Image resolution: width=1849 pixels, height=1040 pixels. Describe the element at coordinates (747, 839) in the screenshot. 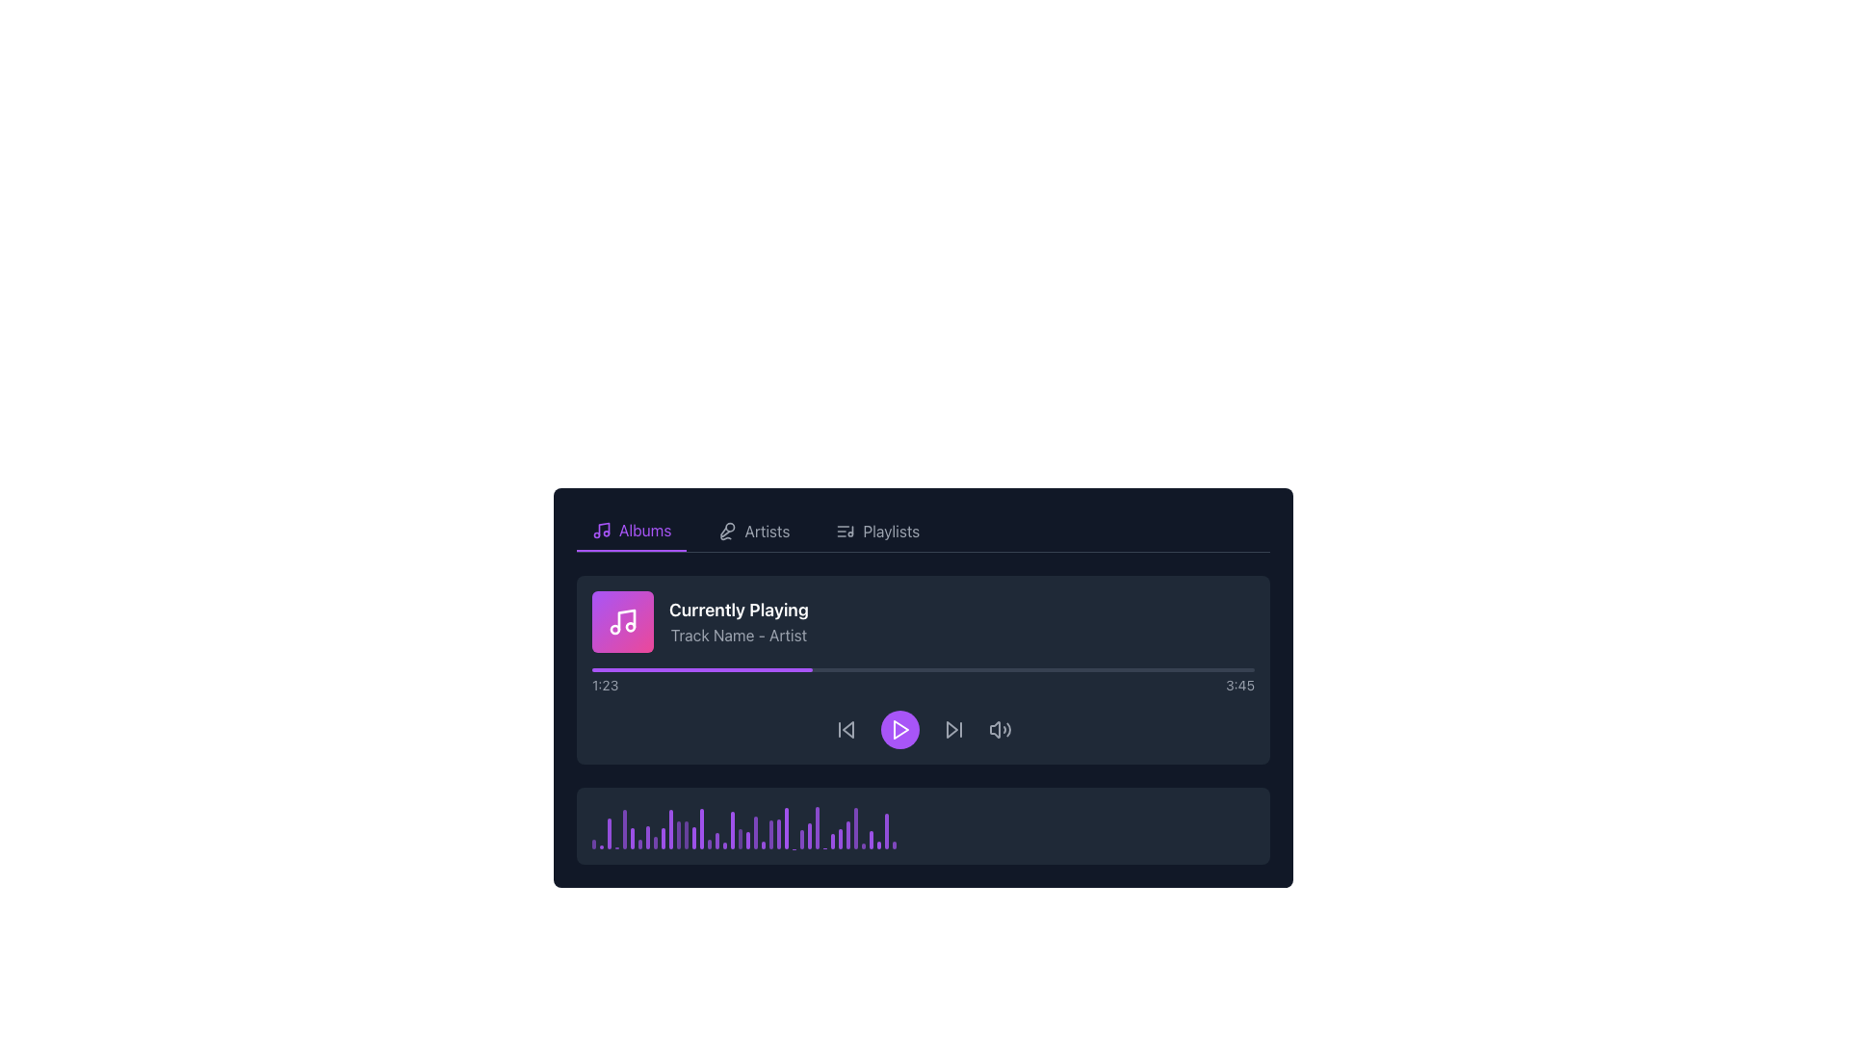

I see `the visual progress waveform bar, which is the 21st bar from the left in the horizontal array of waveform bars in the music player interface` at that location.